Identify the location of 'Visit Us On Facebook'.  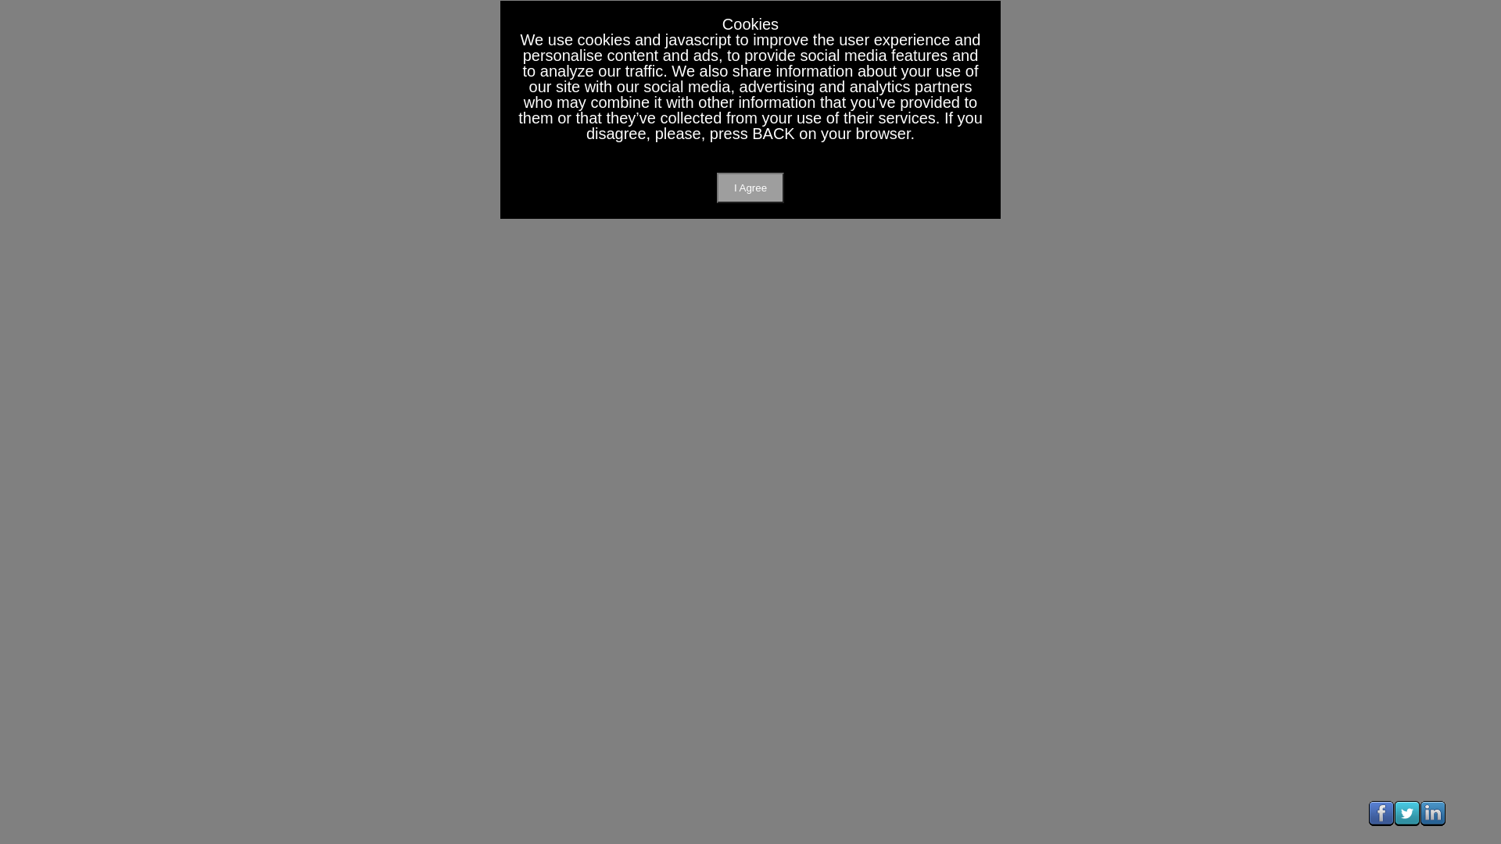
(1367, 821).